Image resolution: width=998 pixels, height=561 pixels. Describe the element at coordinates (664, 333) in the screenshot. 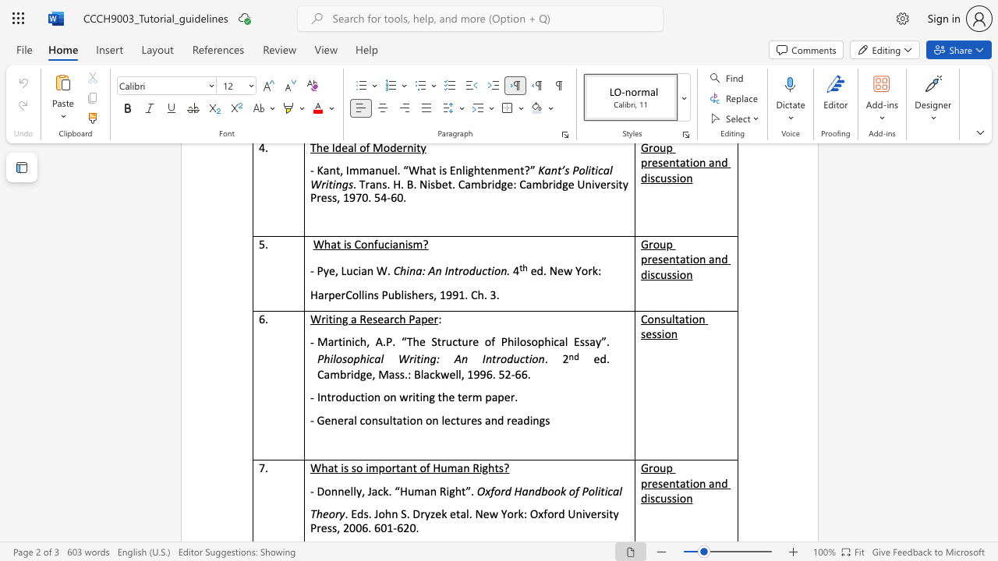

I see `the subset text "on" within the text "Consultation session"` at that location.